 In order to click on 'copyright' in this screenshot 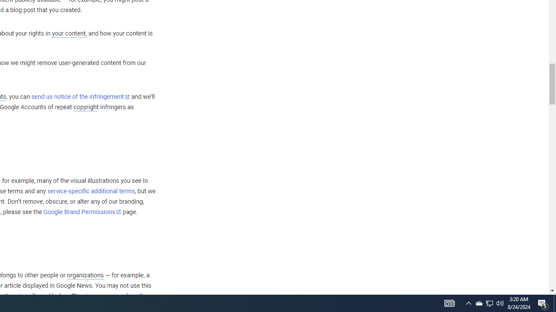, I will do `click(86, 107)`.